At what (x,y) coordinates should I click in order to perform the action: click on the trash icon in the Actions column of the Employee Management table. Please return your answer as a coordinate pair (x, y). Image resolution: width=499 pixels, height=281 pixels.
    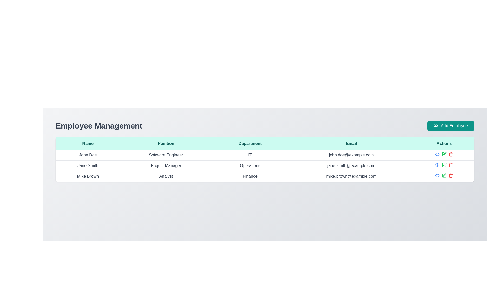
    Looking at the image, I should click on (451, 165).